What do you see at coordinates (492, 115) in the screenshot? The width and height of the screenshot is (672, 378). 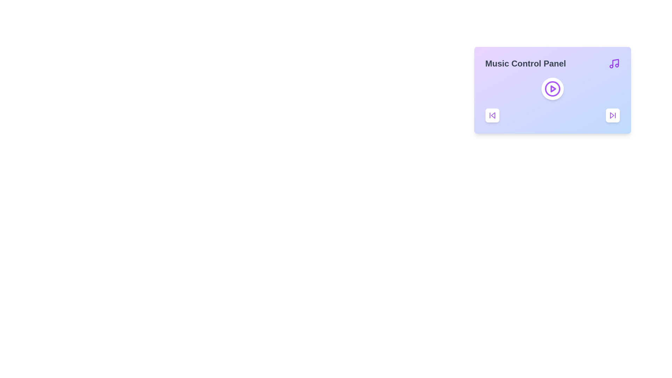 I see `the skip backwards button located at the bottom left corner of the music control panel` at bounding box center [492, 115].